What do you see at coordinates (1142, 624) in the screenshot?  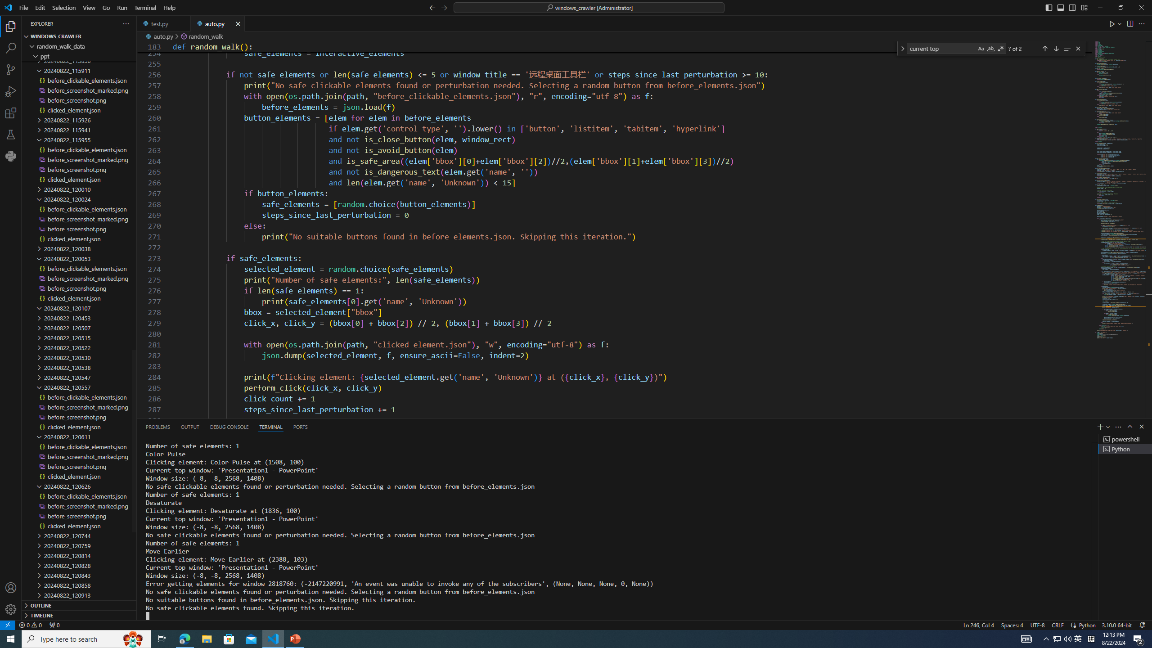 I see `'Notifications'` at bounding box center [1142, 624].